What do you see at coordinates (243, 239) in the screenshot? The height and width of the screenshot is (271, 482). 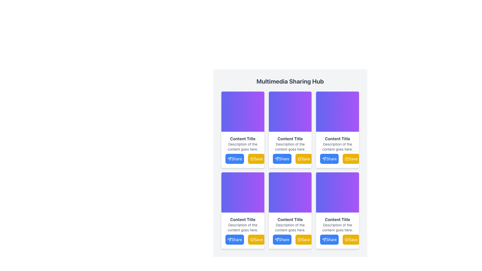 I see `the 'Share' button located in the lower-left corner of the card containing 'Content Title'` at bounding box center [243, 239].